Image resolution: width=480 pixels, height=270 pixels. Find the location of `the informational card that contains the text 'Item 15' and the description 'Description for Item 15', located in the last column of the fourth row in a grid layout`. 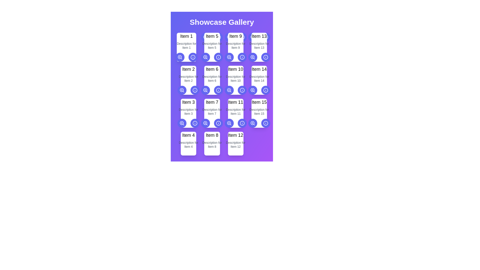

the informational card that contains the text 'Item 15' and the description 'Description for Item 15', located in the last column of the fourth row in a grid layout is located at coordinates (259, 113).